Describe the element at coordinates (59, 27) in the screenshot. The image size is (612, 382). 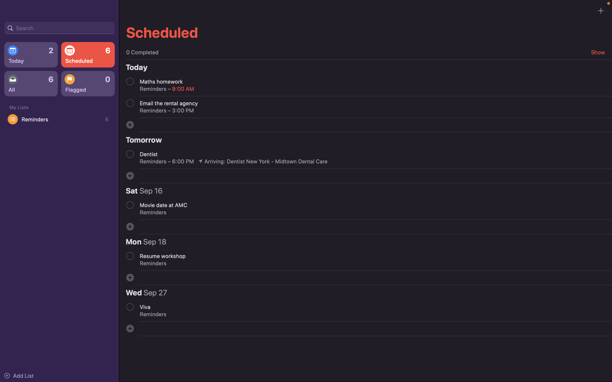
I see `Use the search function to locate an event` at that location.